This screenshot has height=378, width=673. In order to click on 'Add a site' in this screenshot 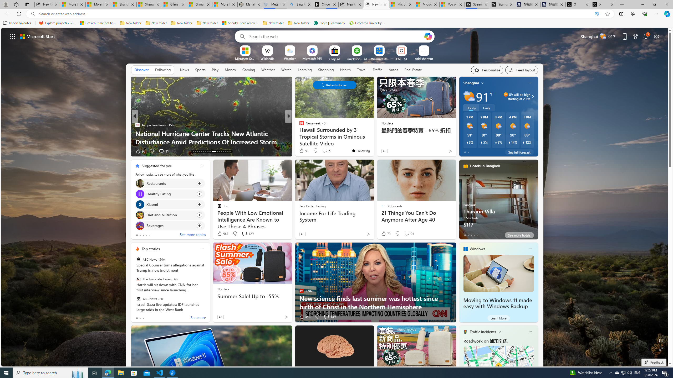, I will do `click(423, 58)`.